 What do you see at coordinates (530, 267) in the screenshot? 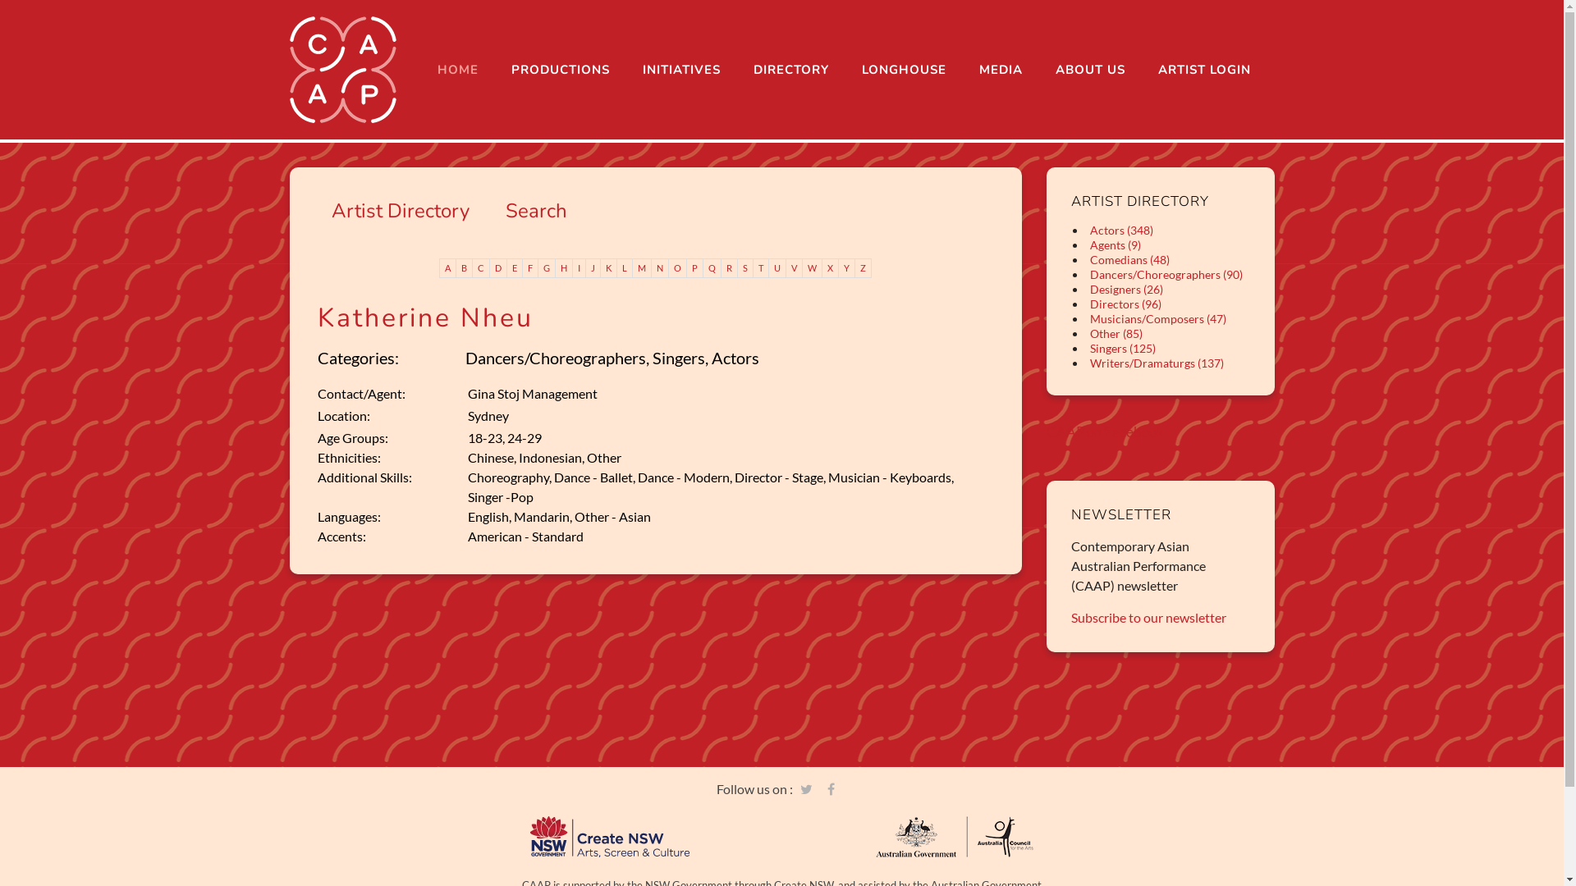
I see `'F'` at bounding box center [530, 267].